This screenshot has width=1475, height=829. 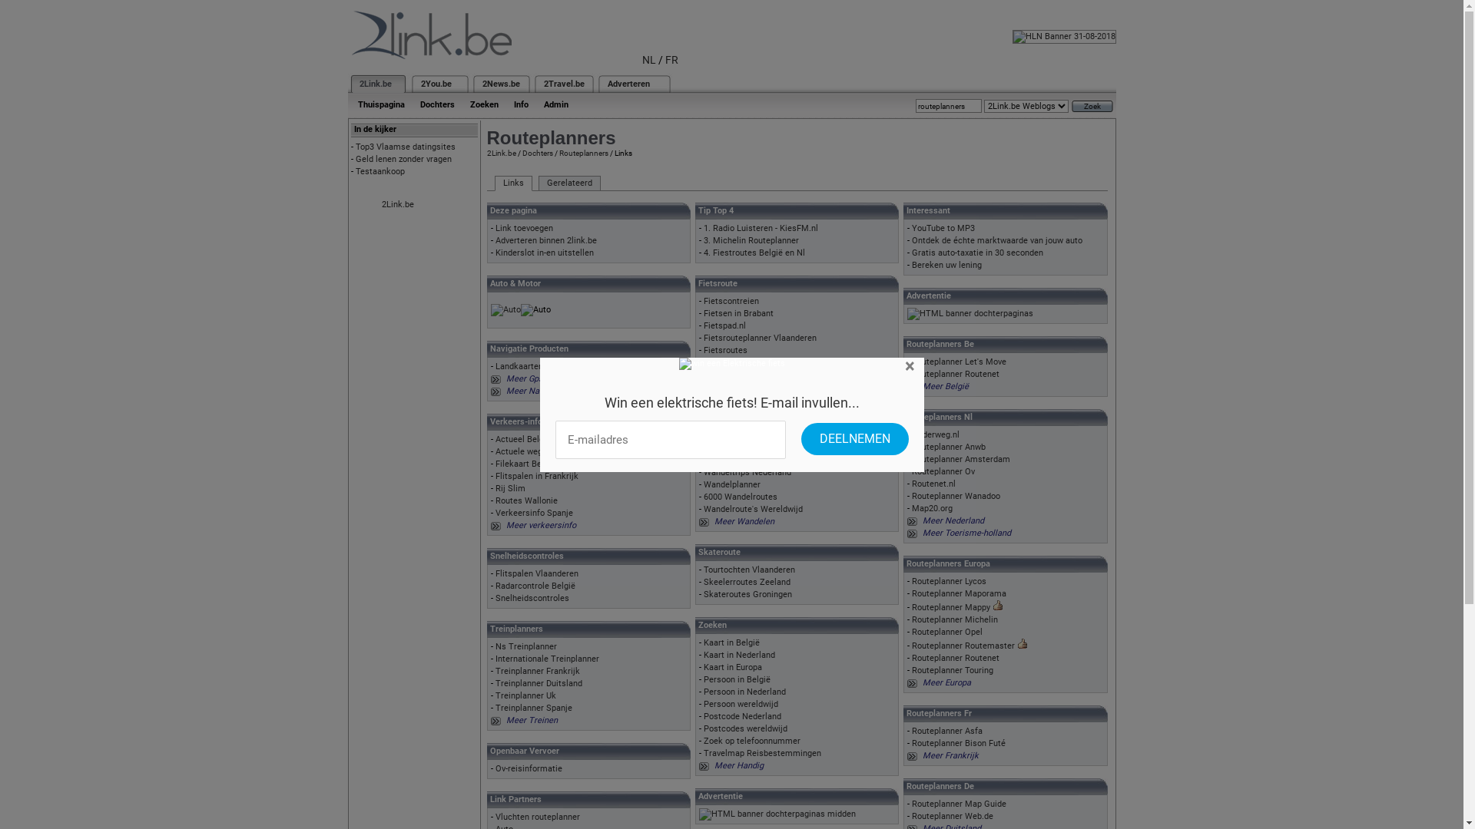 I want to click on 'Routeplanner Ov', so click(x=911, y=471).